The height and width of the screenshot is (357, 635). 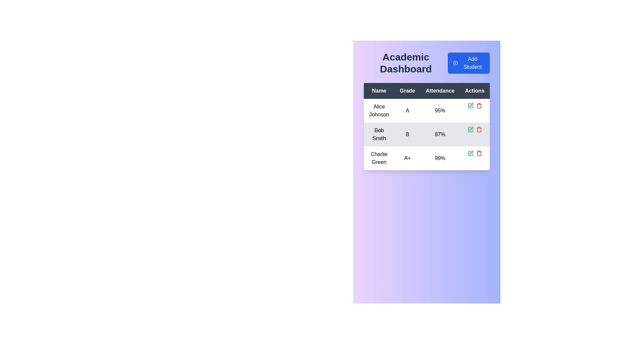 What do you see at coordinates (427, 134) in the screenshot?
I see `the table row corresponding to the user 'Bob Smith' for additional details` at bounding box center [427, 134].